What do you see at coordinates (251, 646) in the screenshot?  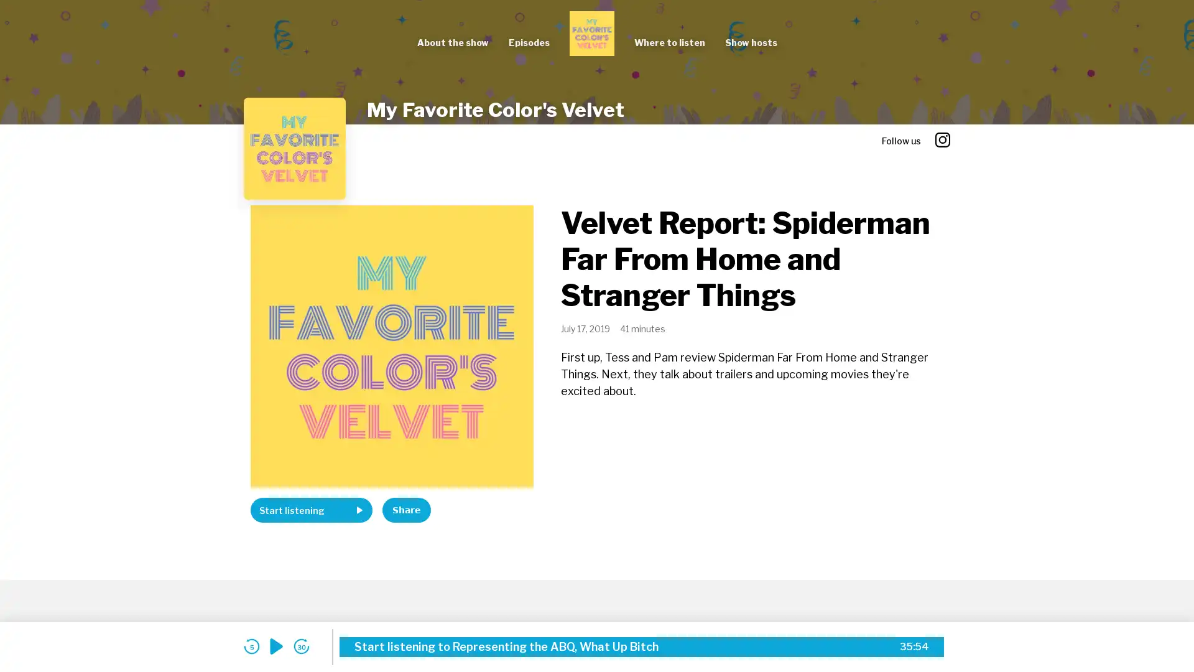 I see `skip back 5 seconds` at bounding box center [251, 646].